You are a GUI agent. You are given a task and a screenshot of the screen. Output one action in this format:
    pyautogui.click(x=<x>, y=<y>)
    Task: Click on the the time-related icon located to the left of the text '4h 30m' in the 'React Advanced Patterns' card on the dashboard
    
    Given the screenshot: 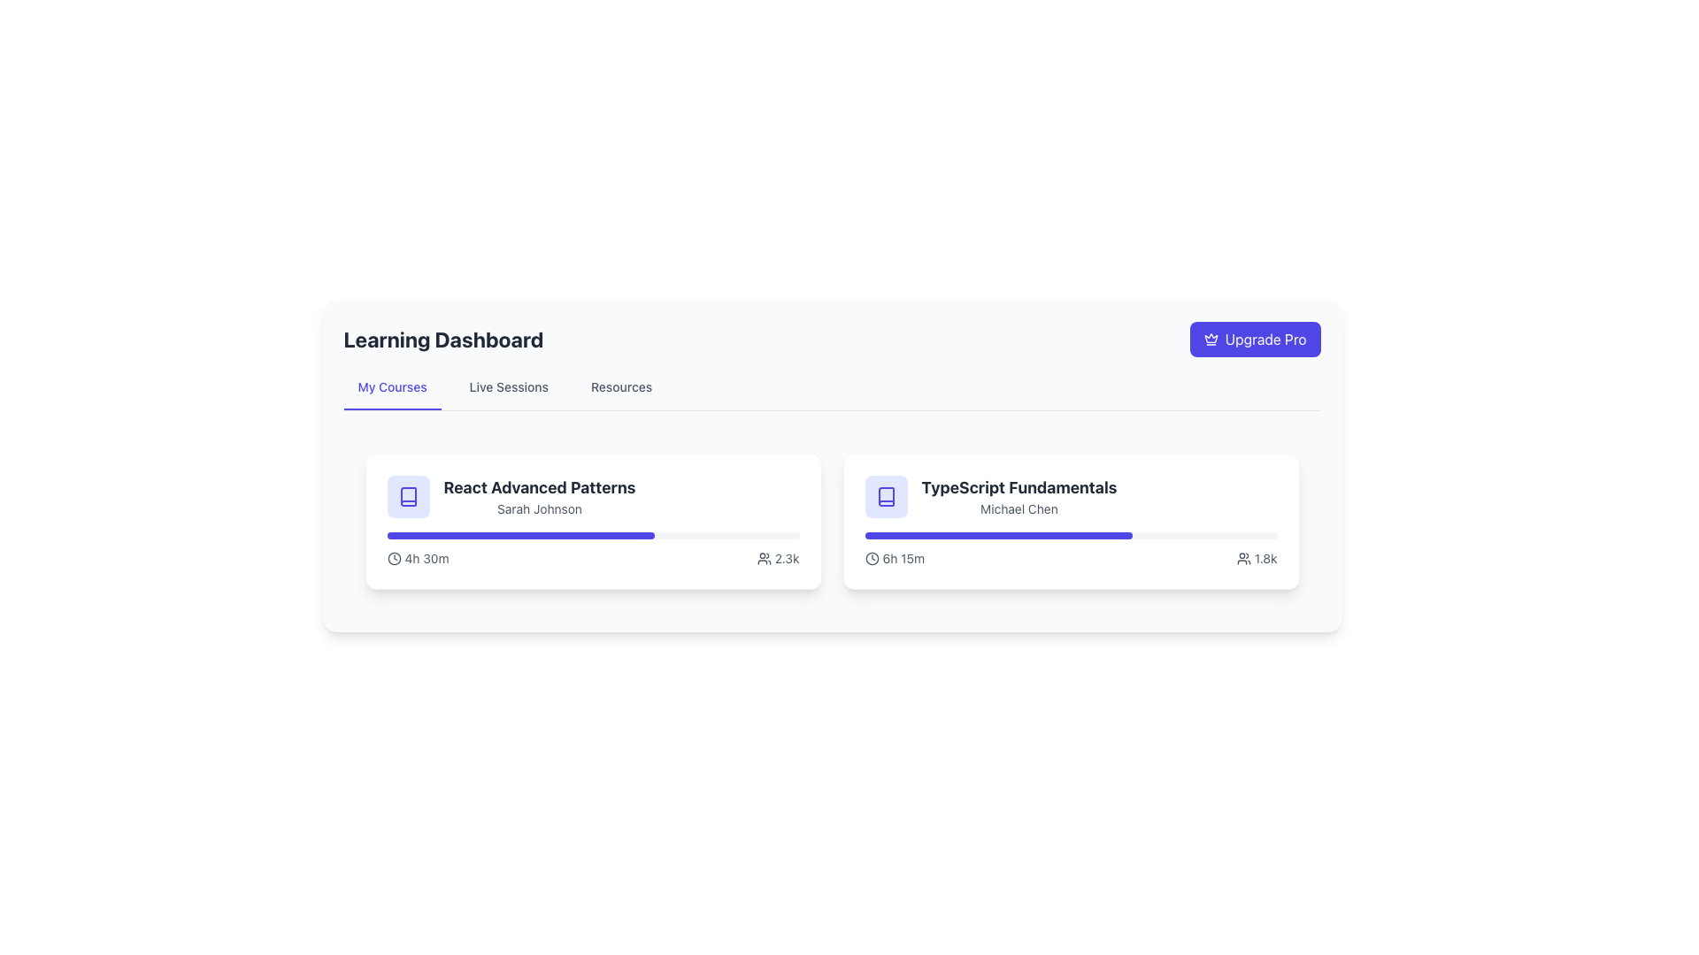 What is the action you would take?
    pyautogui.click(x=393, y=559)
    